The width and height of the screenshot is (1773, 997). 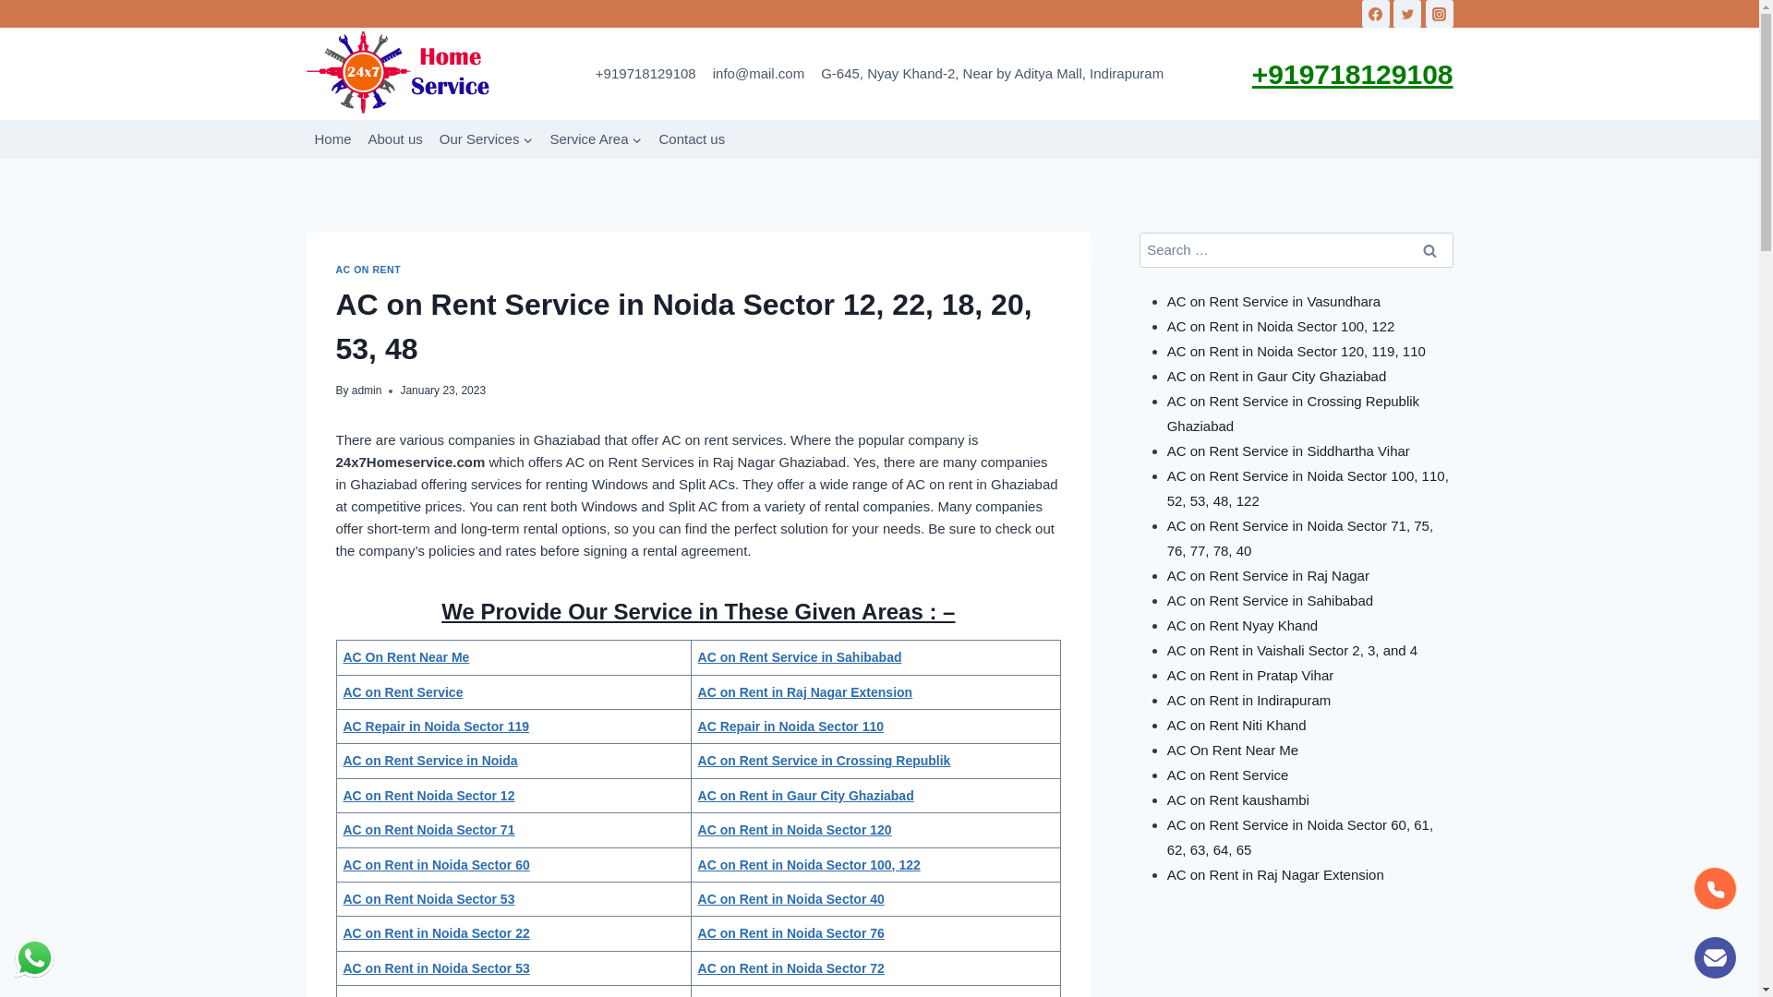 I want to click on 'Contact us', so click(x=690, y=138).